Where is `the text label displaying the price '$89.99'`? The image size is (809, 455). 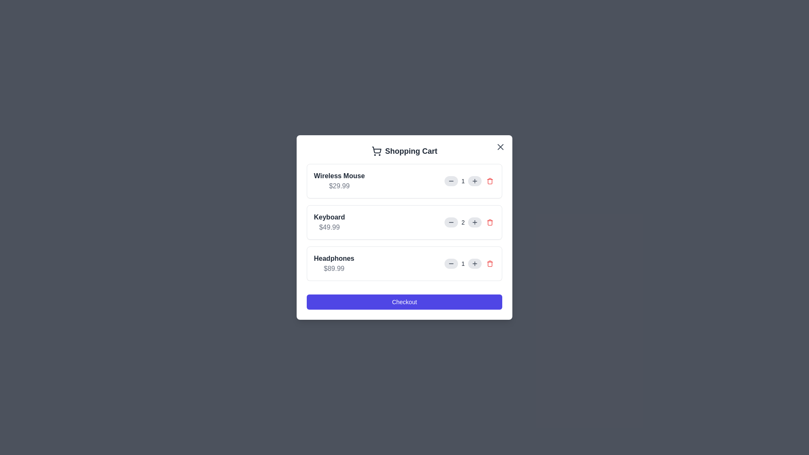 the text label displaying the price '$89.99' is located at coordinates (333, 268).